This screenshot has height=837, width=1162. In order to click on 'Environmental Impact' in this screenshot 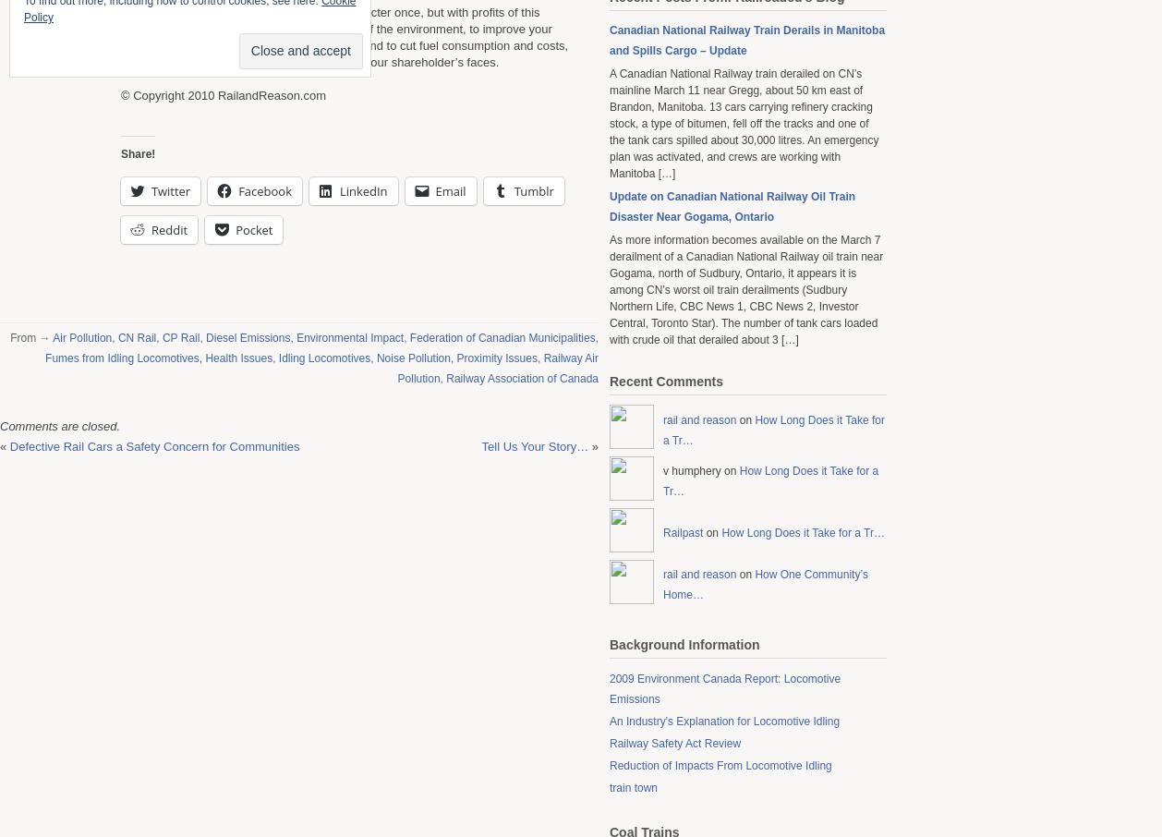, I will do `click(349, 336)`.